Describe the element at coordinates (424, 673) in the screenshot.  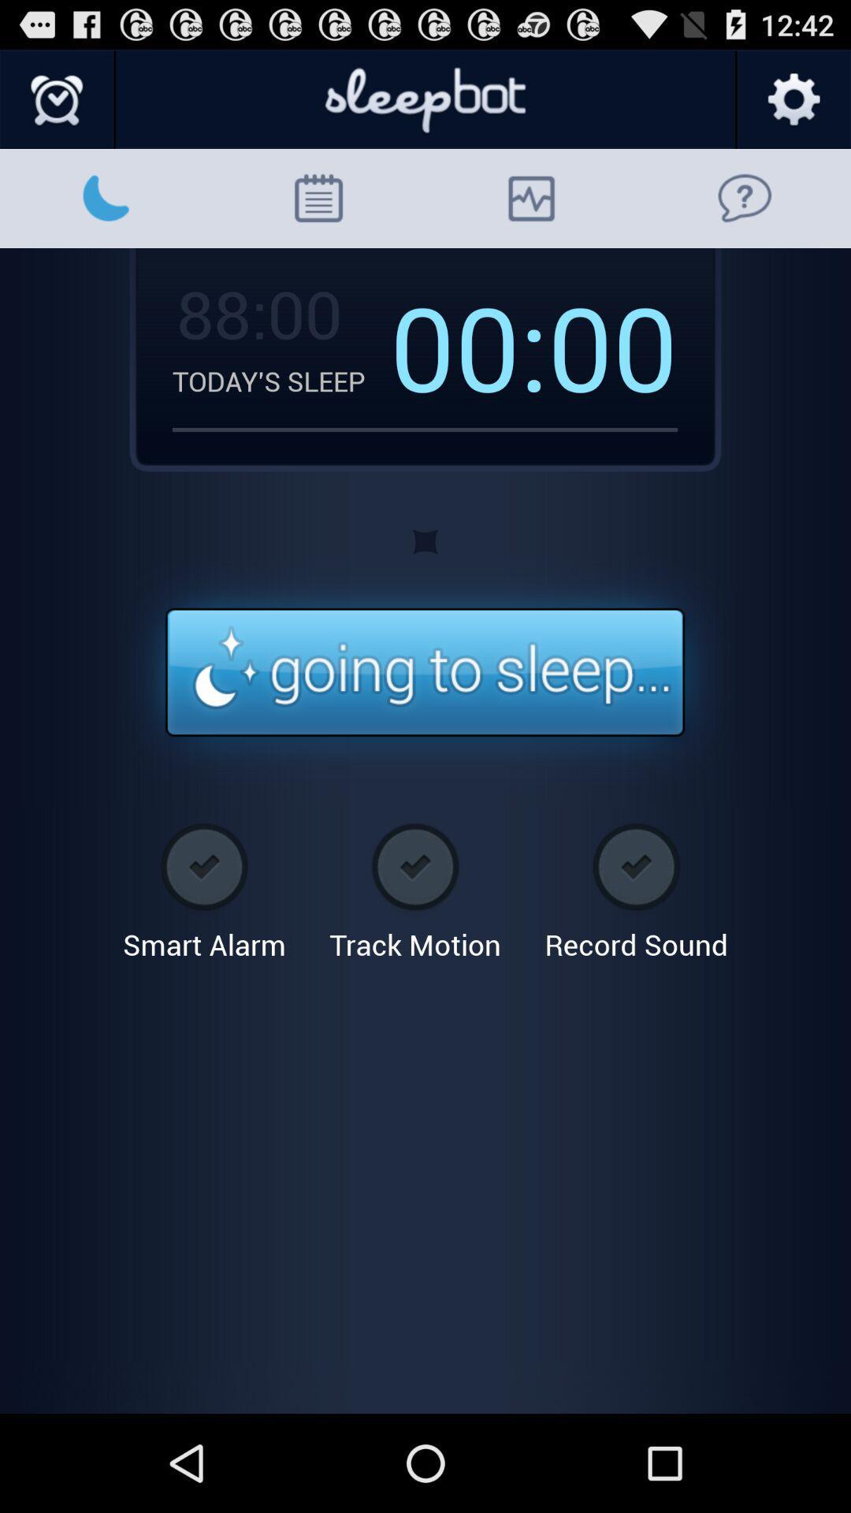
I see `start tracking sleep` at that location.